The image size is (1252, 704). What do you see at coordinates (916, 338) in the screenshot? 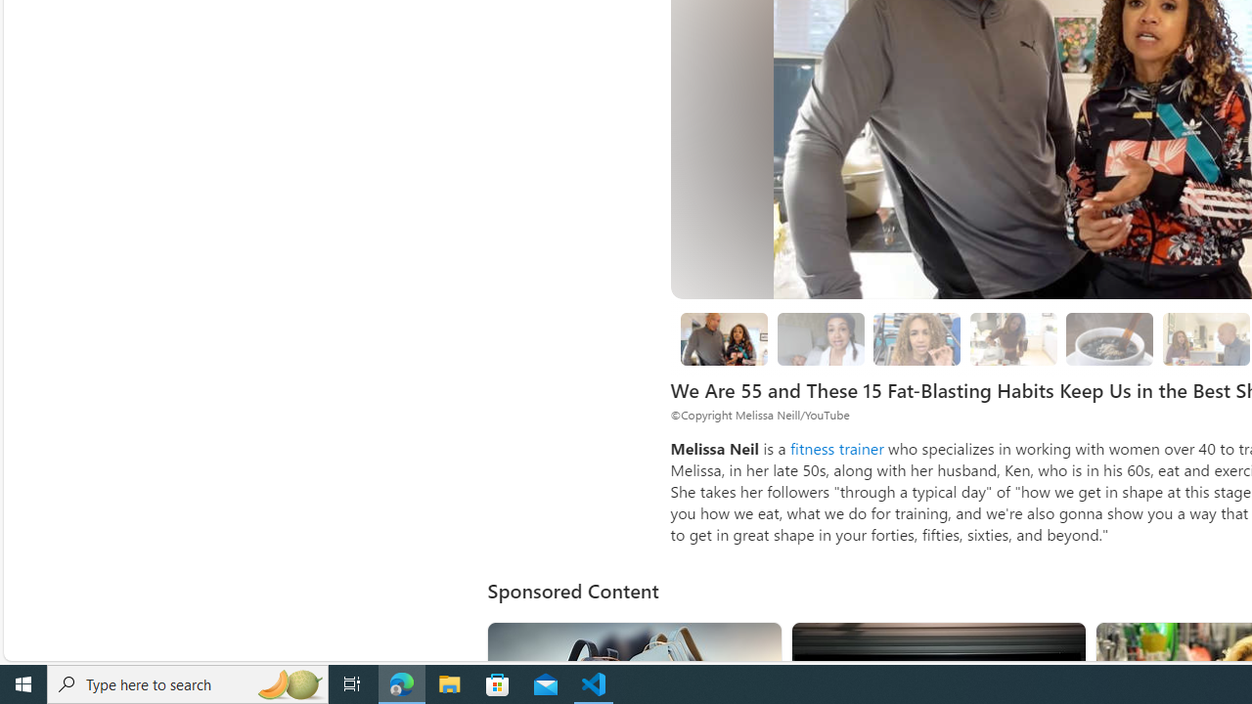
I see `'2 They Use Protein Powder for Flavor'` at bounding box center [916, 338].